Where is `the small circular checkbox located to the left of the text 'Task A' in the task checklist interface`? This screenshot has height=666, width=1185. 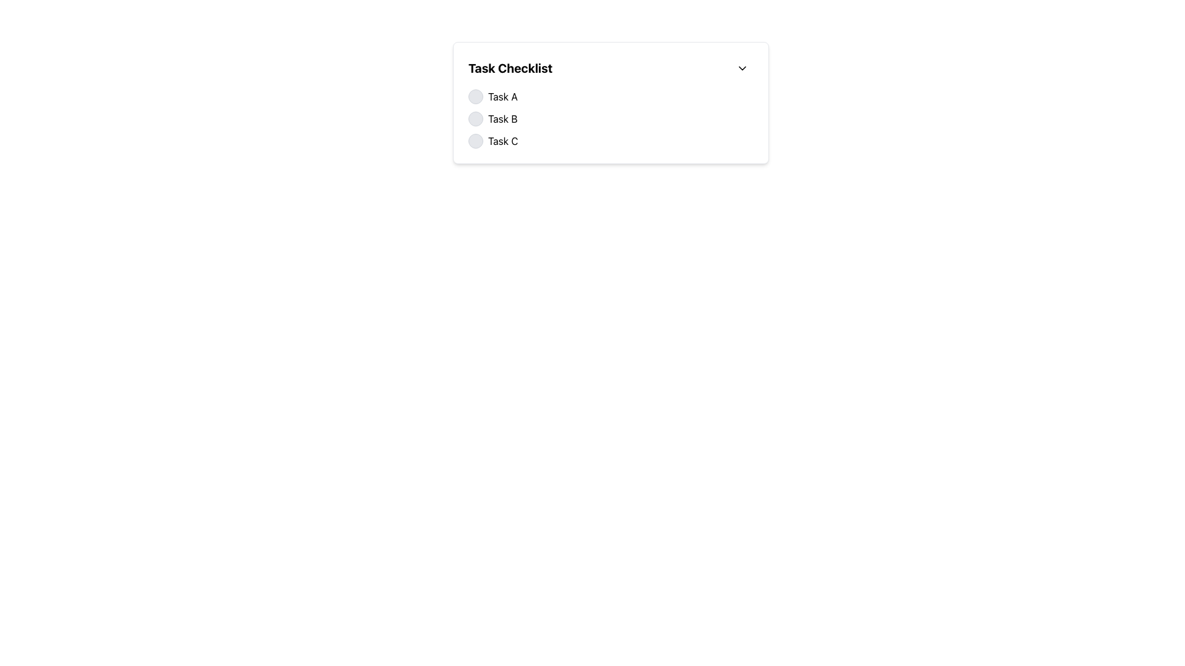
the small circular checkbox located to the left of the text 'Task A' in the task checklist interface is located at coordinates (475, 96).